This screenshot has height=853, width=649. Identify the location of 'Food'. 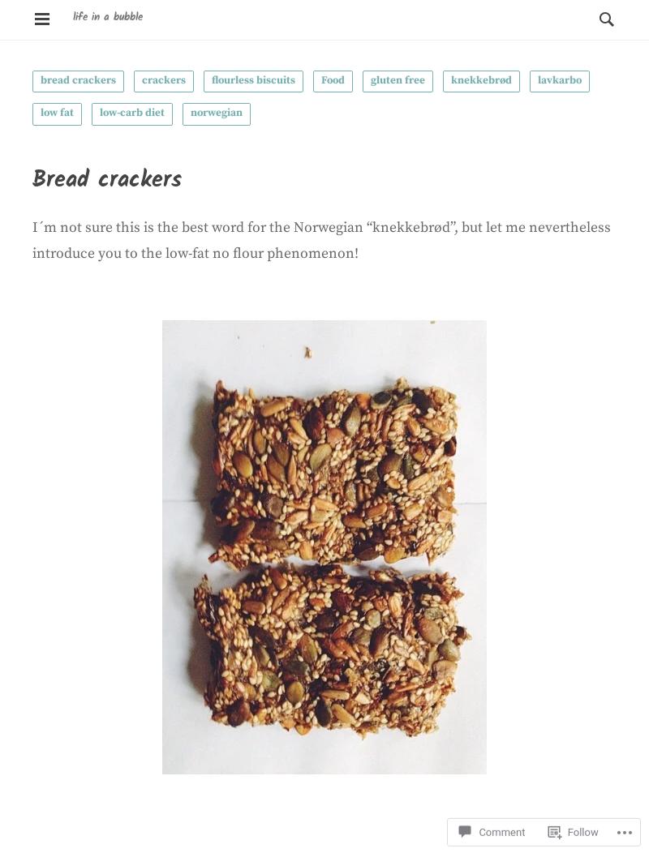
(333, 79).